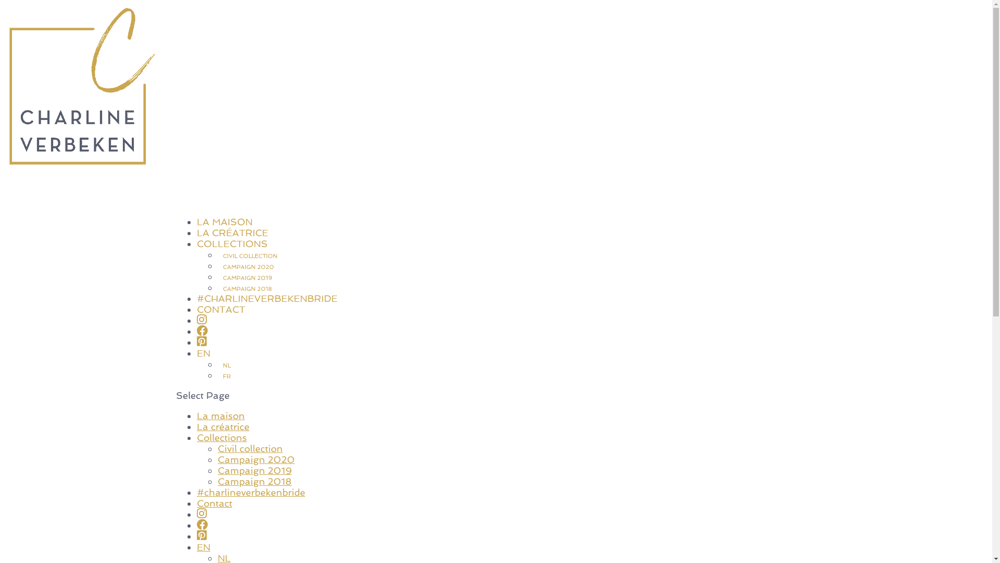 The image size is (1000, 563). What do you see at coordinates (203, 371) in the screenshot?
I see `'EN'` at bounding box center [203, 371].